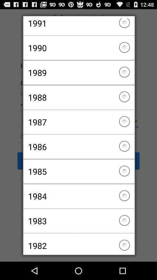 Image resolution: width=157 pixels, height=280 pixels. I want to click on 1982 icon, so click(78, 243).